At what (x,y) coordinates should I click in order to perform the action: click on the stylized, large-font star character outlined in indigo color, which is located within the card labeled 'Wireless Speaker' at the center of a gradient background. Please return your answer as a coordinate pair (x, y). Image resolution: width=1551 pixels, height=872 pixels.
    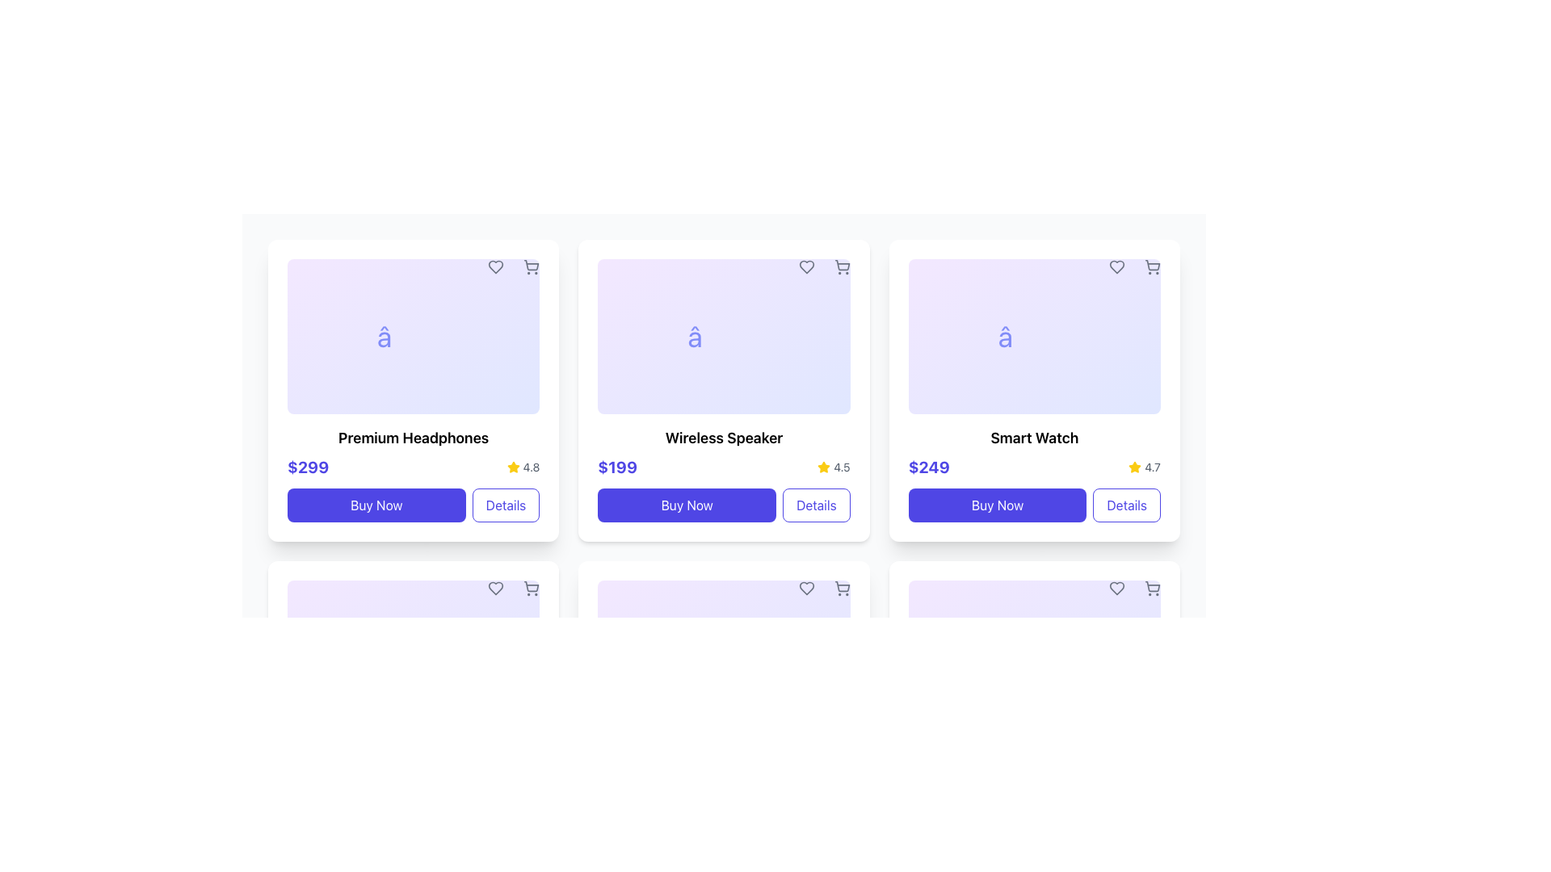
    Looking at the image, I should click on (723, 335).